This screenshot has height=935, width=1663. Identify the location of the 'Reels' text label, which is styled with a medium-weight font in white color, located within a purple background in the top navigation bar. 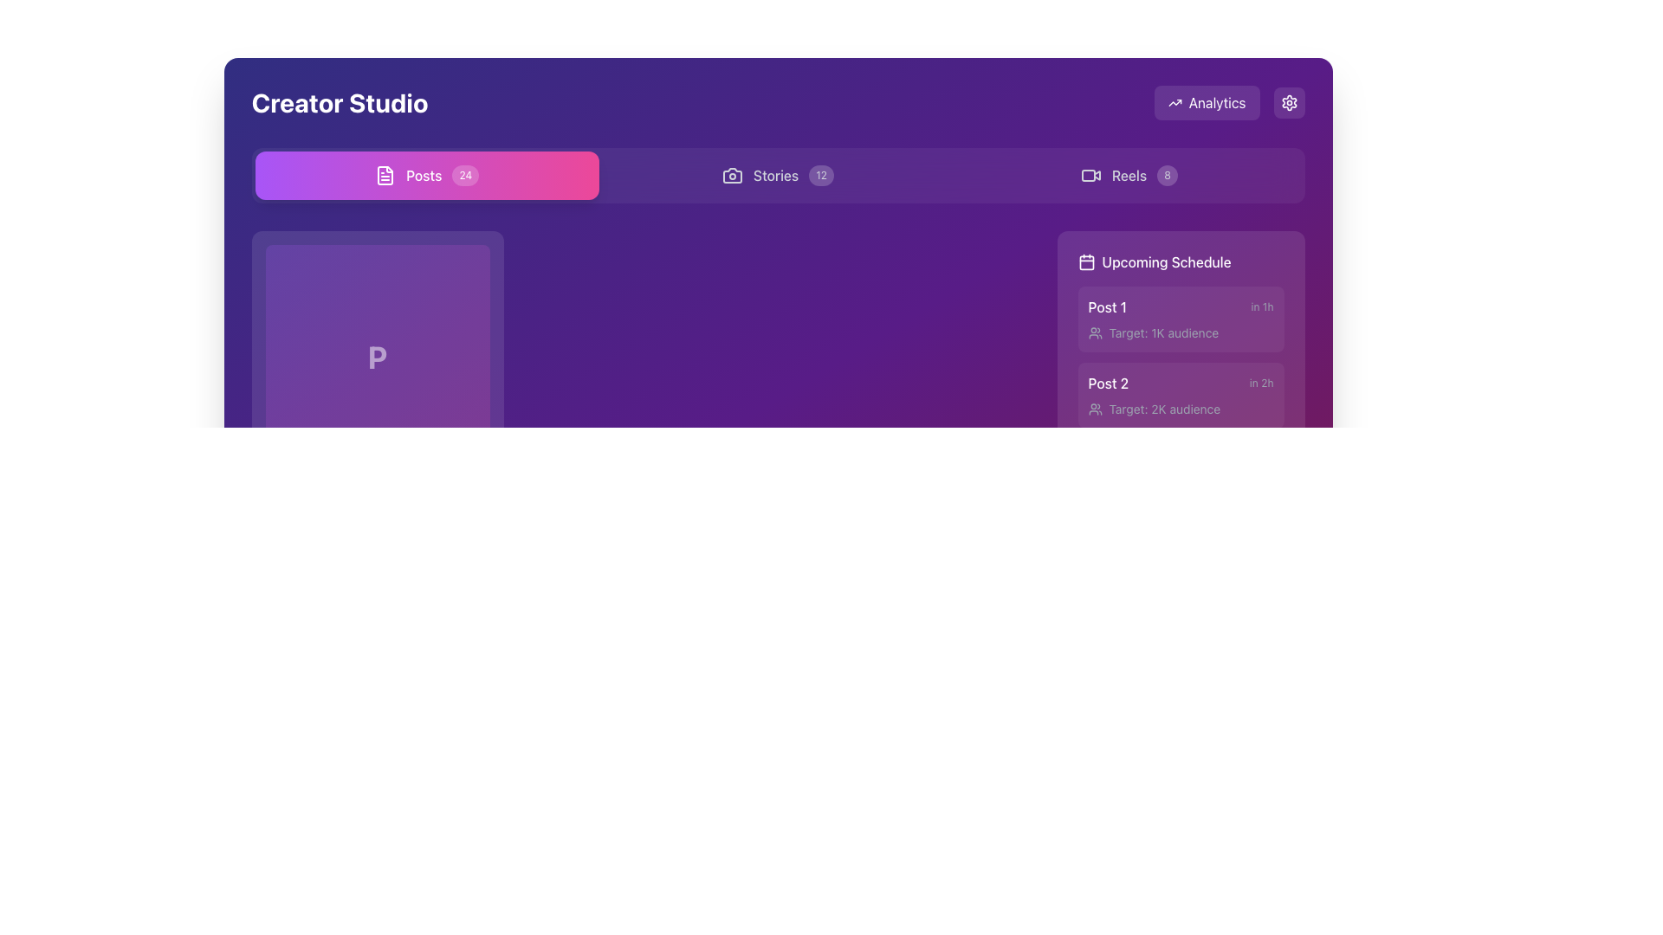
(1129, 176).